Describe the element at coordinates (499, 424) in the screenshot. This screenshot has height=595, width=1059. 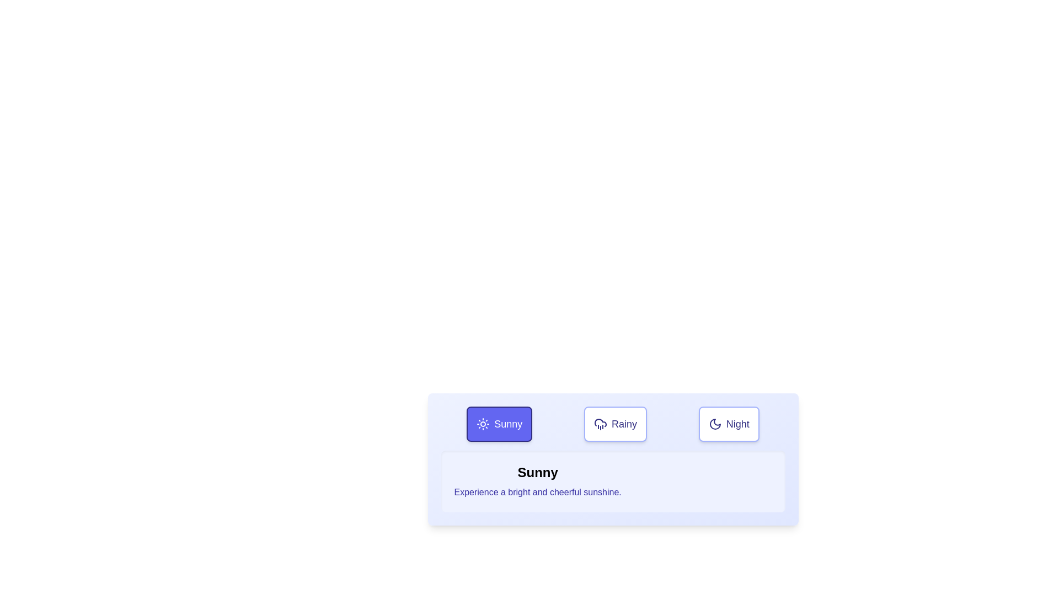
I see `the 'Sunny' button located at the bottom-center of the interface to observe the hover animation` at that location.